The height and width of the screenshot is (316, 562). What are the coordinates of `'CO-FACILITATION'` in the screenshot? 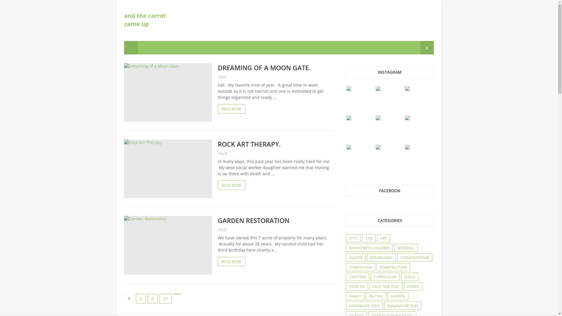 It's located at (414, 257).